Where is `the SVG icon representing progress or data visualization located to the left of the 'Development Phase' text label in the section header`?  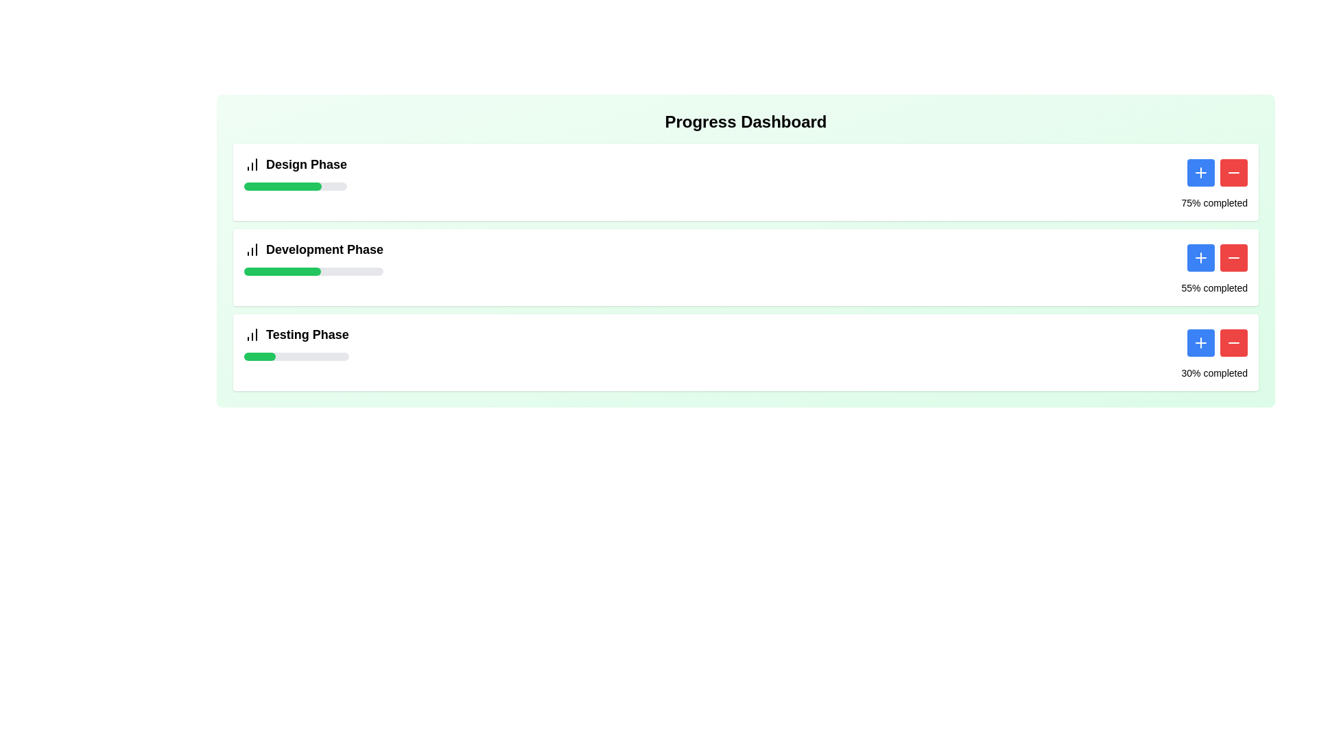
the SVG icon representing progress or data visualization located to the left of the 'Development Phase' text label in the section header is located at coordinates (252, 249).